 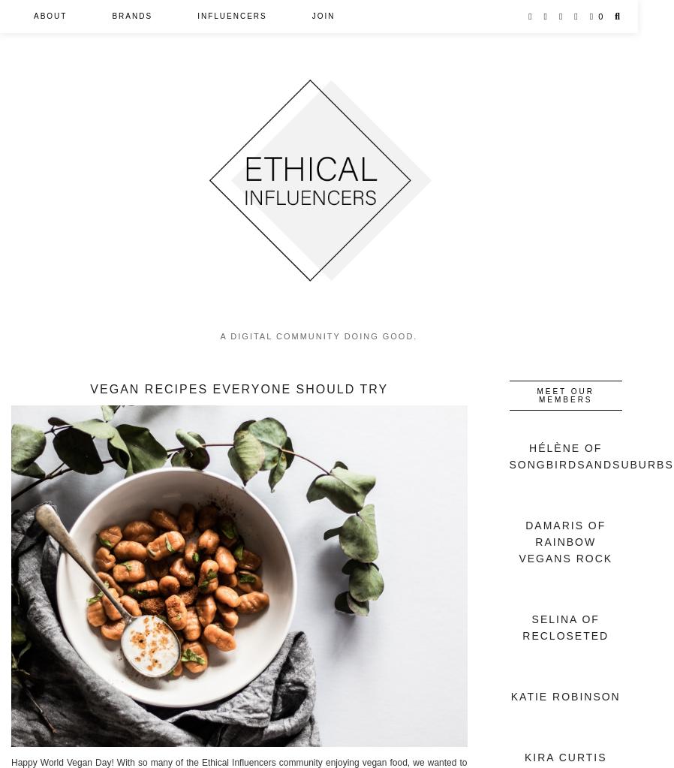 I want to click on 'Vegan Recipes Everyone Should Try', so click(x=239, y=387).